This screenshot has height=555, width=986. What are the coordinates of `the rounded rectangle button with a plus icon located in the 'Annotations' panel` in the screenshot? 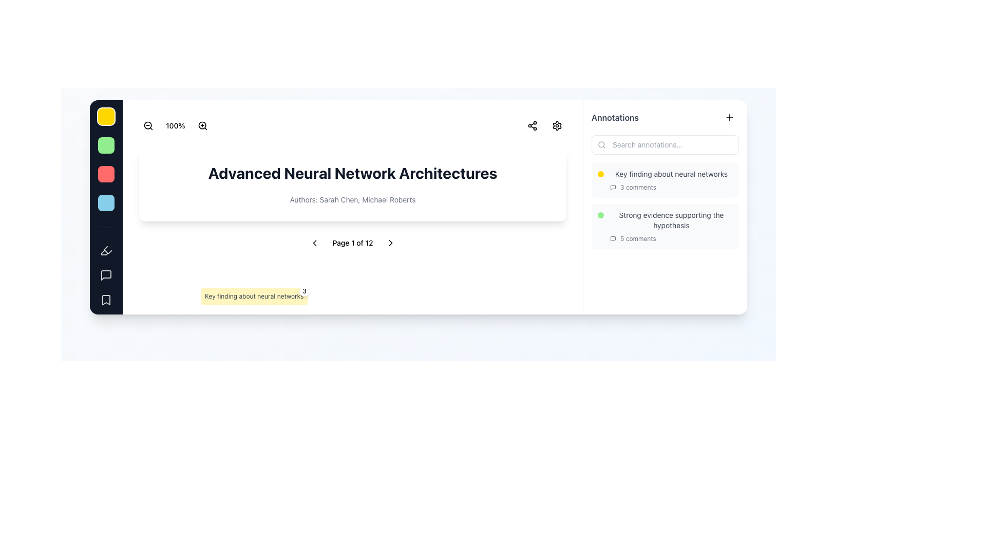 It's located at (729, 117).